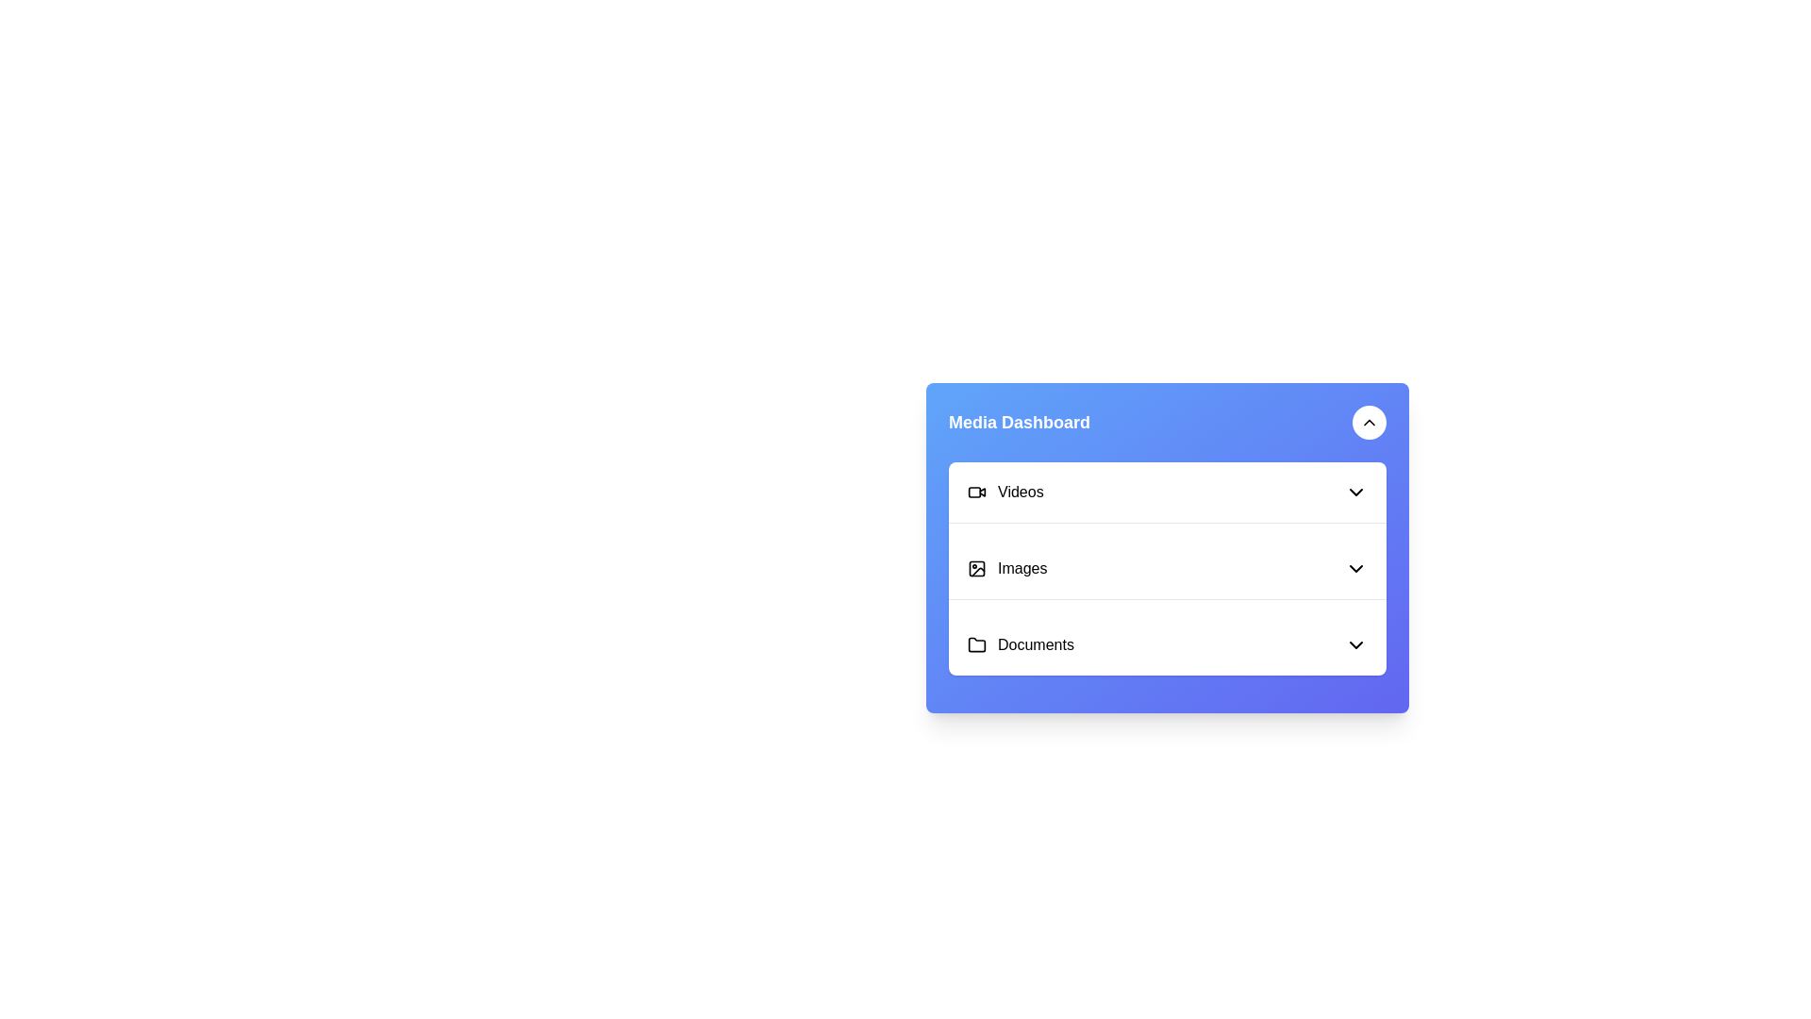 The image size is (1811, 1019). Describe the element at coordinates (1020, 491) in the screenshot. I see `the text label reading 'Videos', which is styled with a black font and located to the right of a video icon within a blue card labeled 'Media Dashboard'` at that location.